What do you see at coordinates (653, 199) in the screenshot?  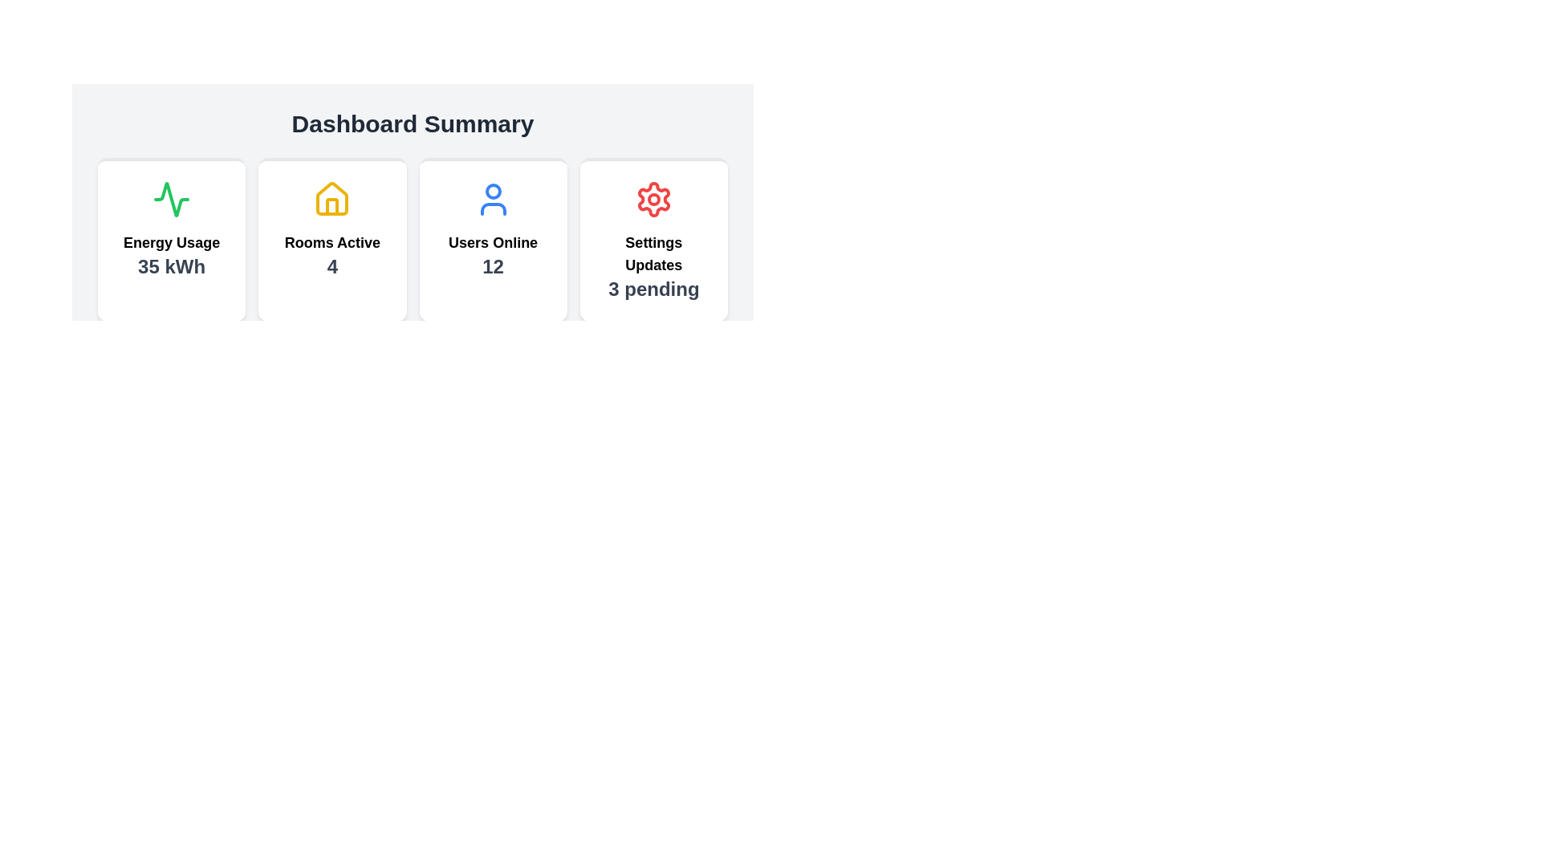 I see `details of the small circular SVG Circle Element located at the center of the settings gear icon on the dashboard card group` at bounding box center [653, 199].